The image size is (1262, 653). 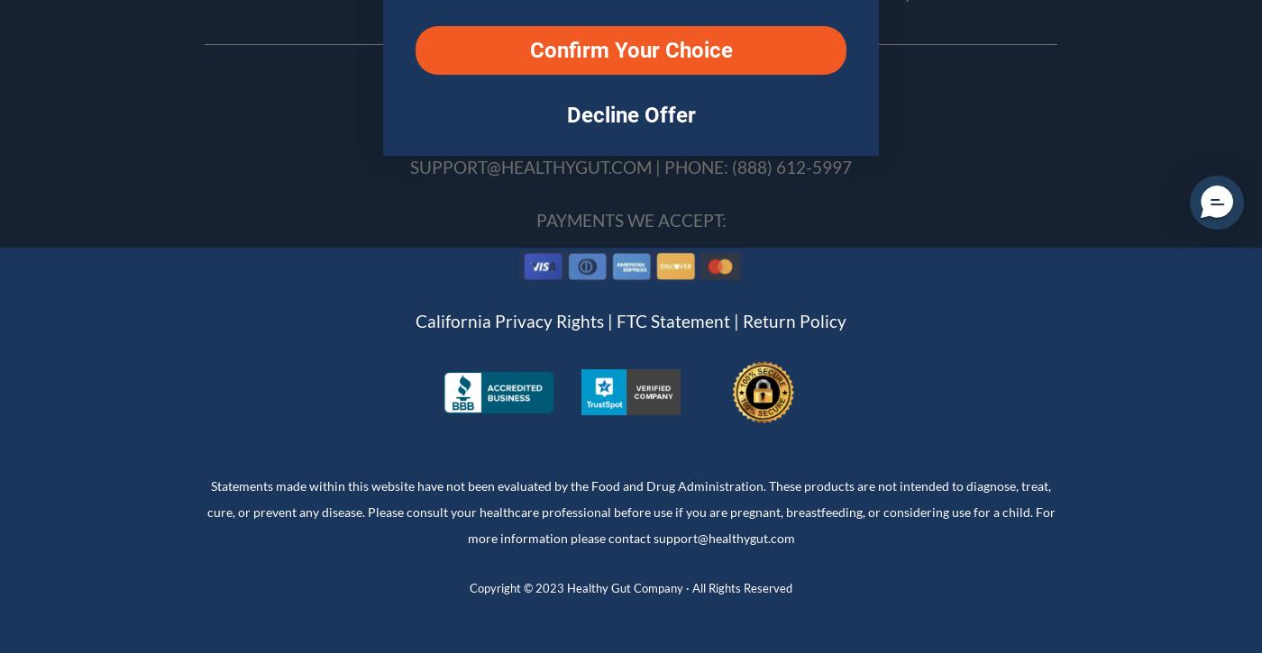 What do you see at coordinates (469, 585) in the screenshot?
I see `'Copyright © 2023 Healthy Gut Company · All Rights Reserved'` at bounding box center [469, 585].